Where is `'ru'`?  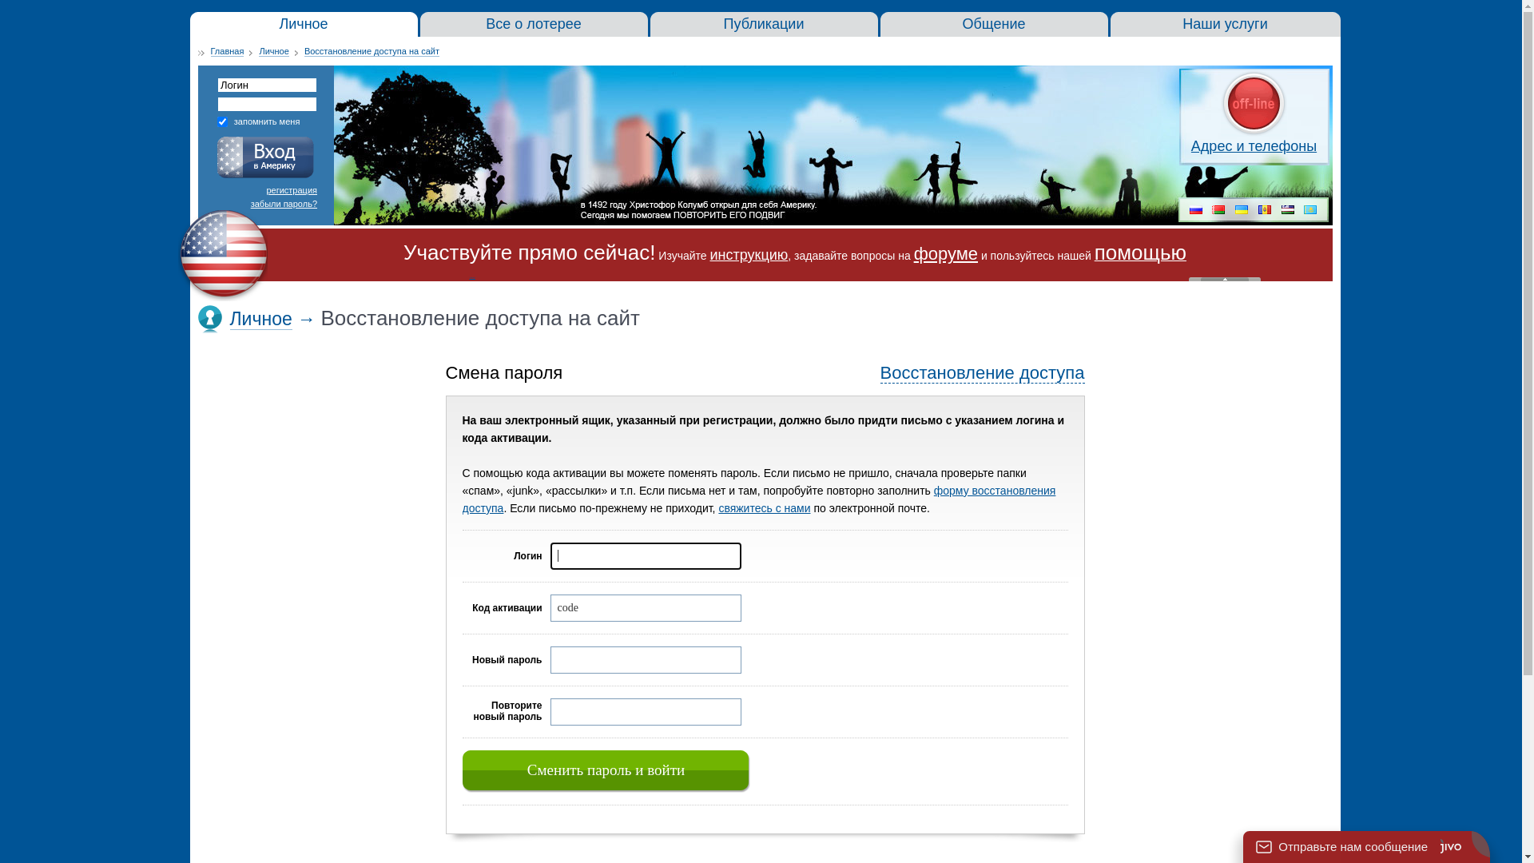
'ru' is located at coordinates (1196, 210).